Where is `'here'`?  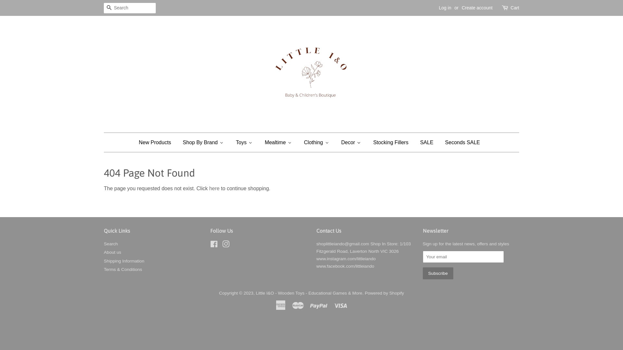 'here' is located at coordinates (214, 188).